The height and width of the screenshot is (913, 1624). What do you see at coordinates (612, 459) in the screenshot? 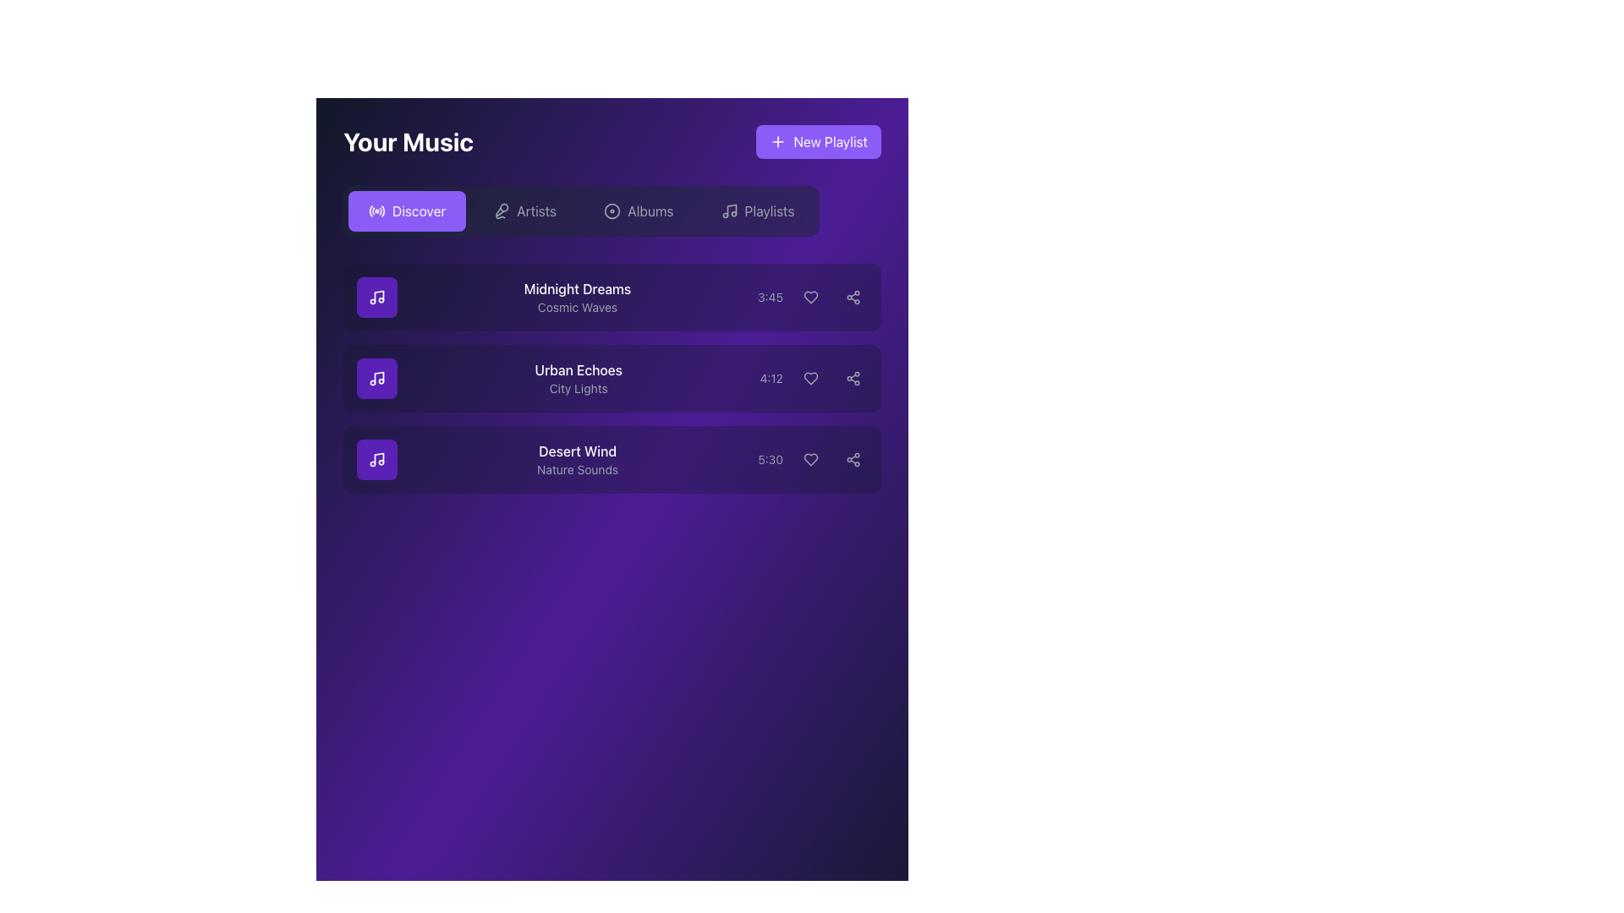
I see `the text block that provides the title and description of a song in the third track card of the music list` at bounding box center [612, 459].